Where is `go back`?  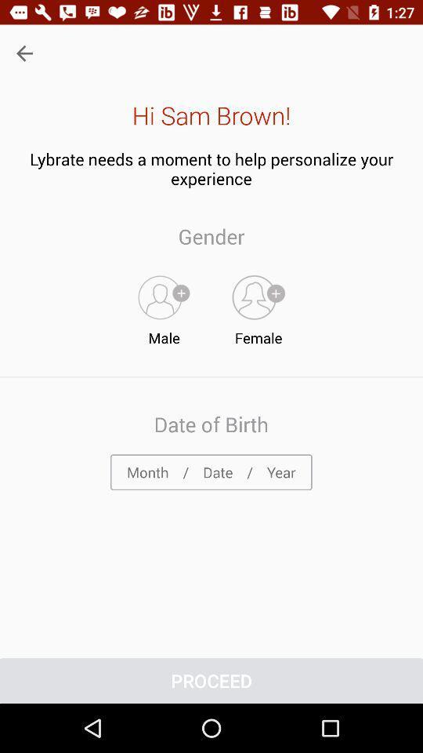
go back is located at coordinates (23, 53).